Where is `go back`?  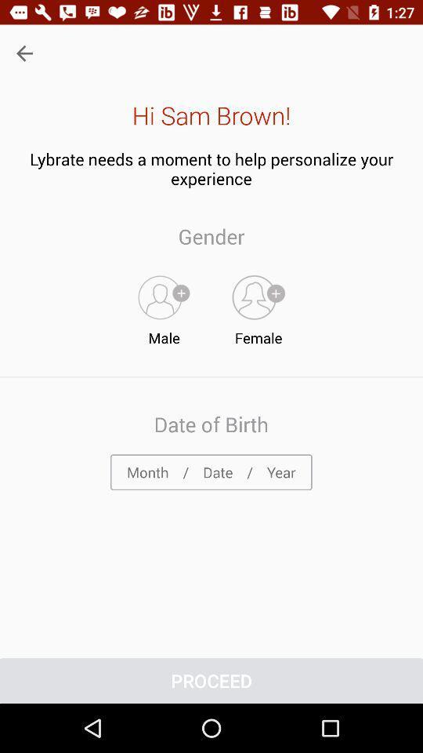
go back is located at coordinates (23, 53).